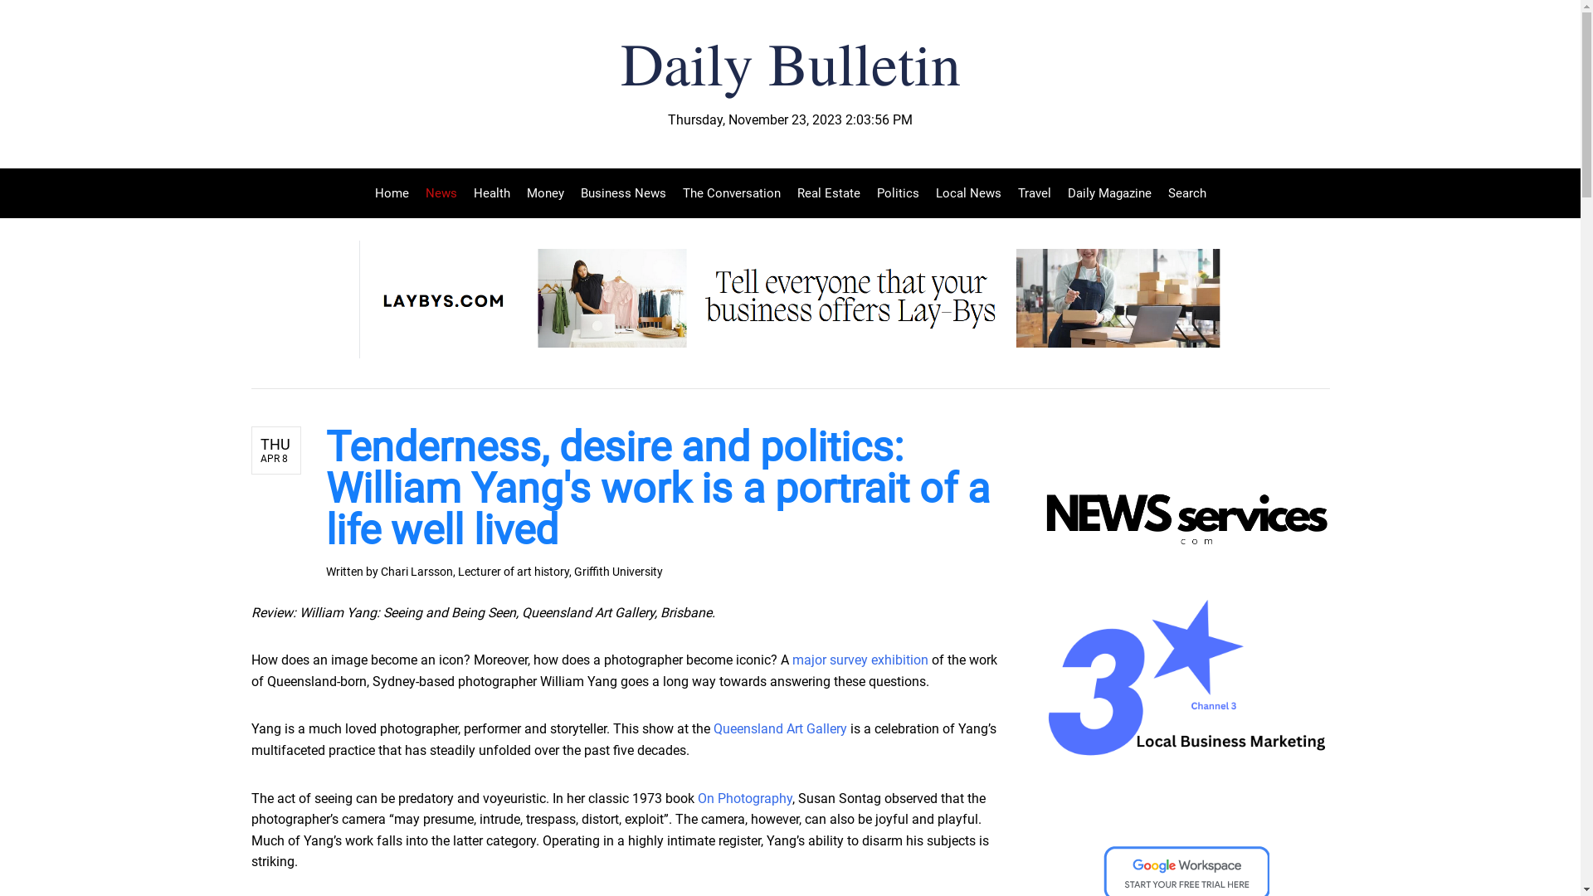 The height and width of the screenshot is (896, 1593). What do you see at coordinates (1033, 192) in the screenshot?
I see `'Travel'` at bounding box center [1033, 192].